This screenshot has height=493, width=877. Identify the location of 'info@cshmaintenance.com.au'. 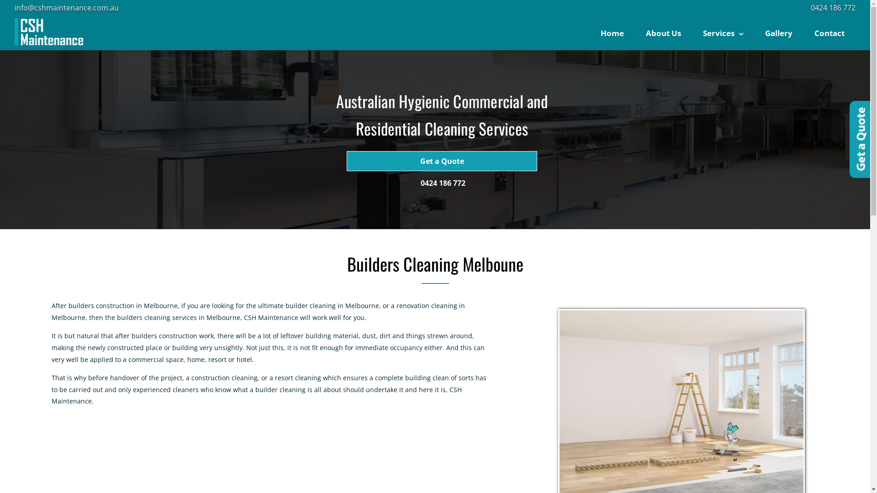
(66, 7).